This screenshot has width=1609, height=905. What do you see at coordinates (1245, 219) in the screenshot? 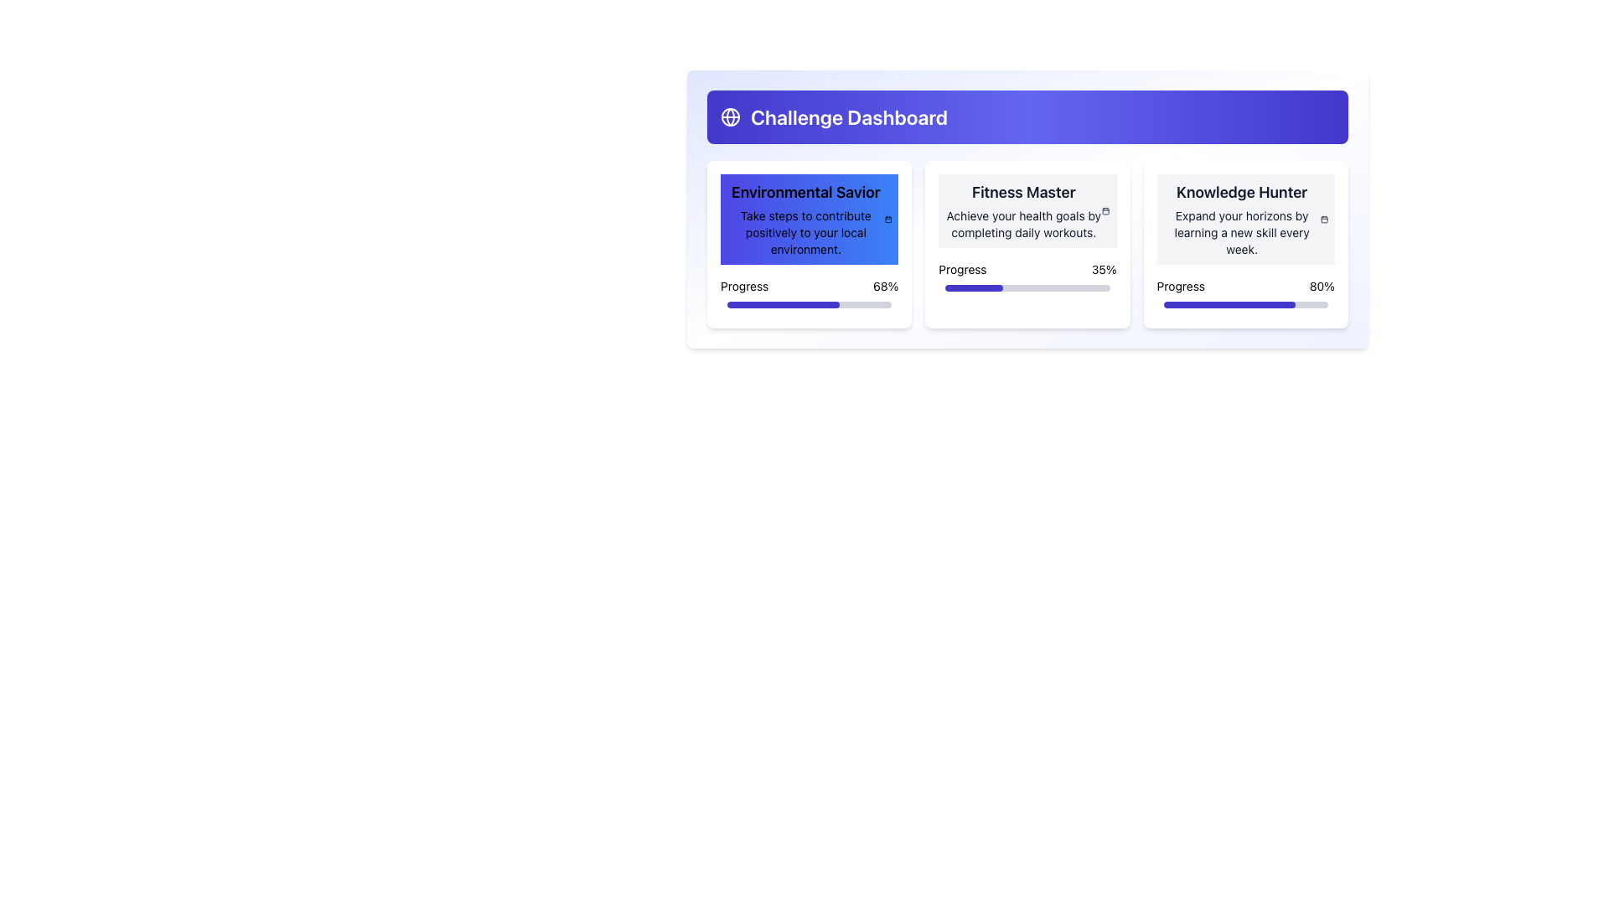
I see `information displayed in the 'Knowledge Hunter' informative card section, which contains the title and description about learning new skills` at bounding box center [1245, 219].